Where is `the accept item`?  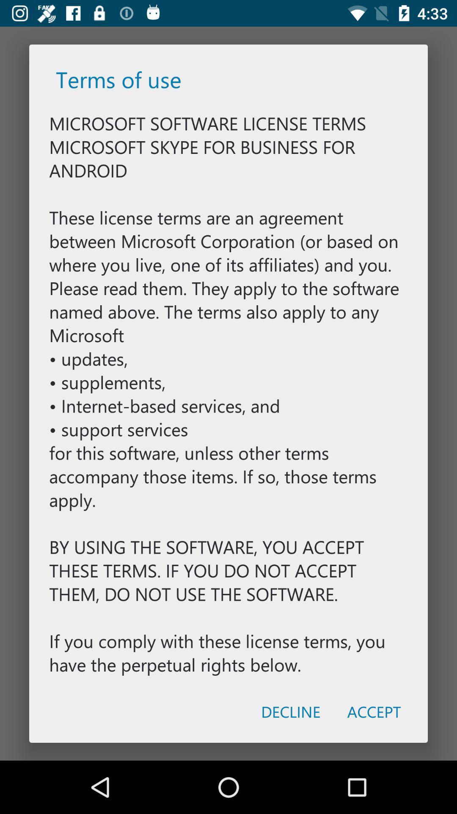
the accept item is located at coordinates (374, 711).